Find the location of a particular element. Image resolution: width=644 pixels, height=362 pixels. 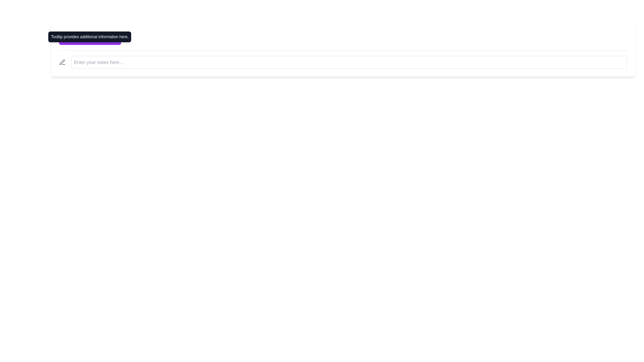

the editing icon located on the leftmost side of the bar section preceding the note input area is located at coordinates (62, 62).